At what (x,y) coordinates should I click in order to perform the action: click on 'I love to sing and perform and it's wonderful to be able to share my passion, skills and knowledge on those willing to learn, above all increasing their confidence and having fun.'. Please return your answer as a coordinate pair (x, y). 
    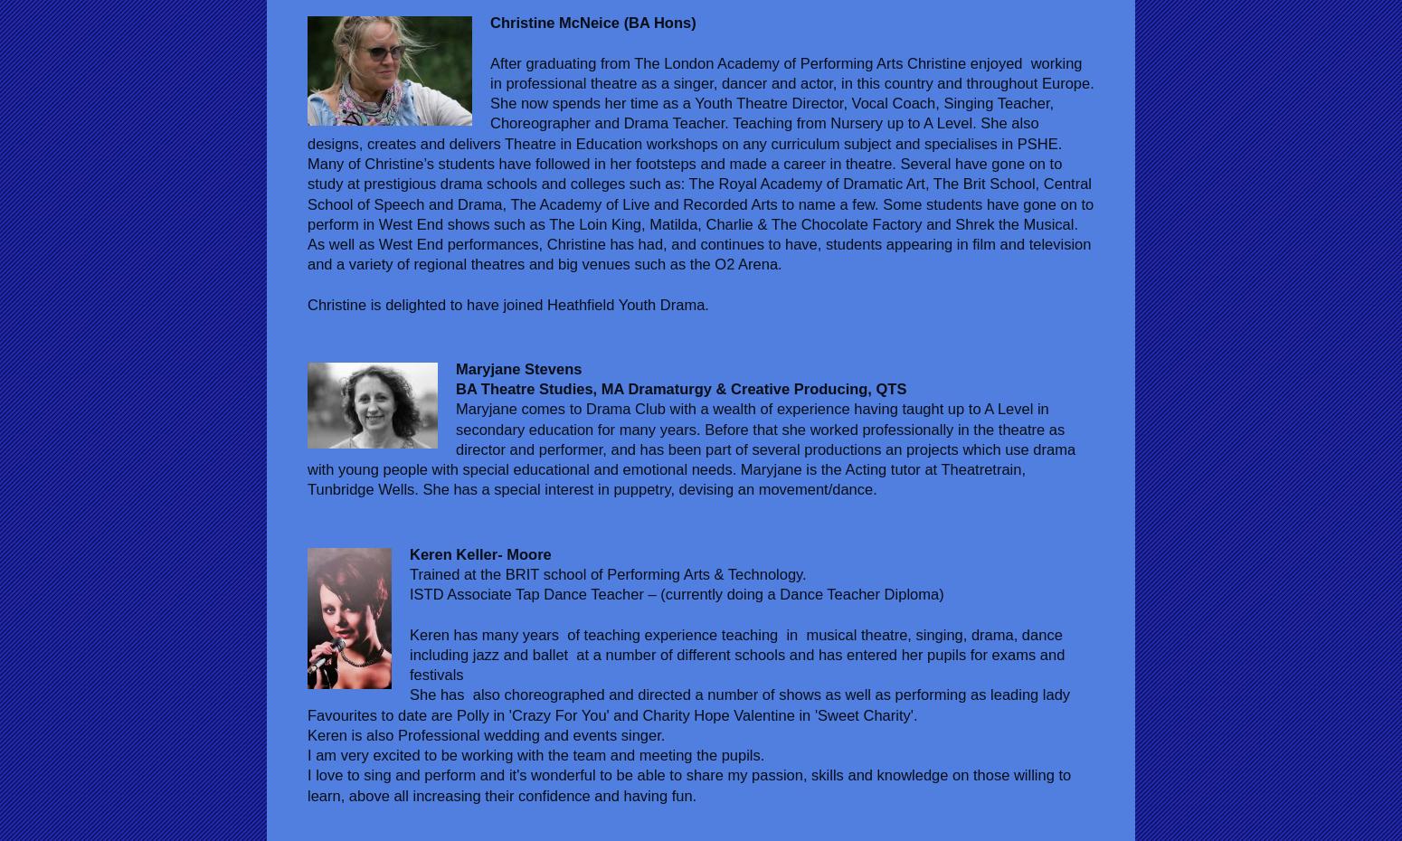
    Looking at the image, I should click on (688, 784).